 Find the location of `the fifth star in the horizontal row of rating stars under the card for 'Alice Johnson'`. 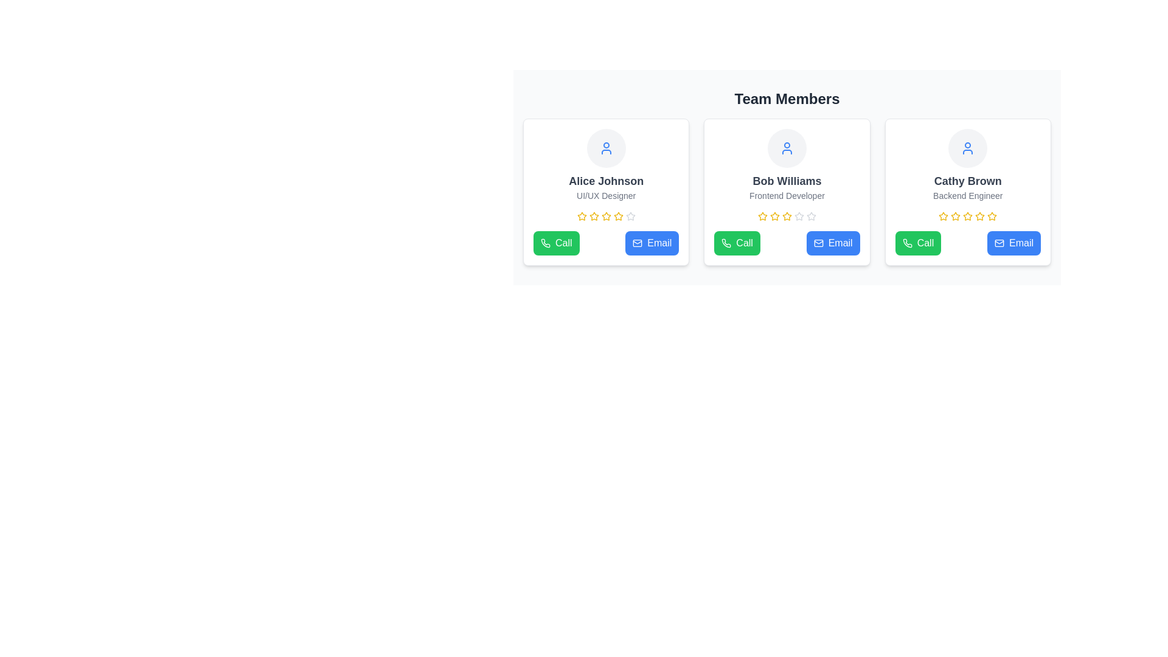

the fifth star in the horizontal row of rating stars under the card for 'Alice Johnson' is located at coordinates (630, 215).